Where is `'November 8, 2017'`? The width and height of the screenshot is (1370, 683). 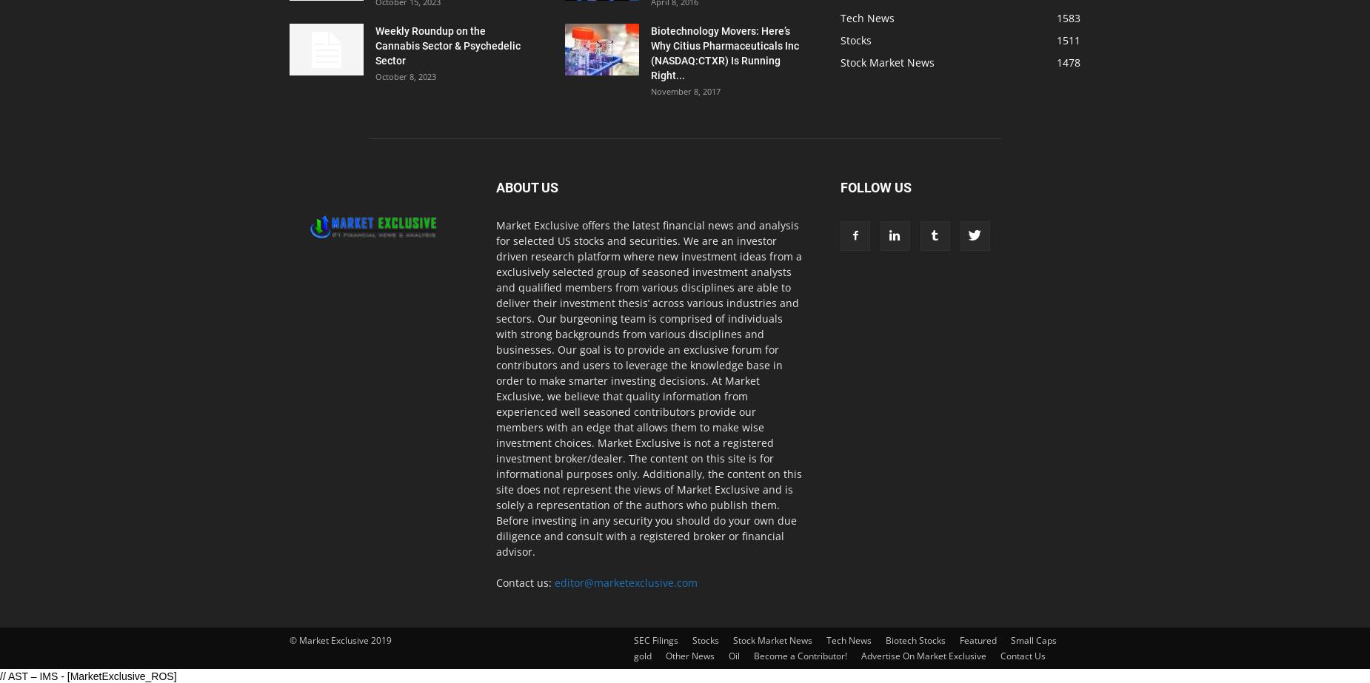
'November 8, 2017' is located at coordinates (685, 91).